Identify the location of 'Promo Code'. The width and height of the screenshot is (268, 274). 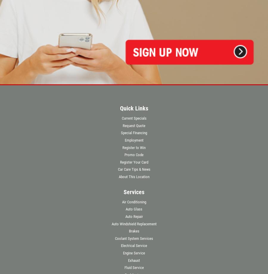
(134, 154).